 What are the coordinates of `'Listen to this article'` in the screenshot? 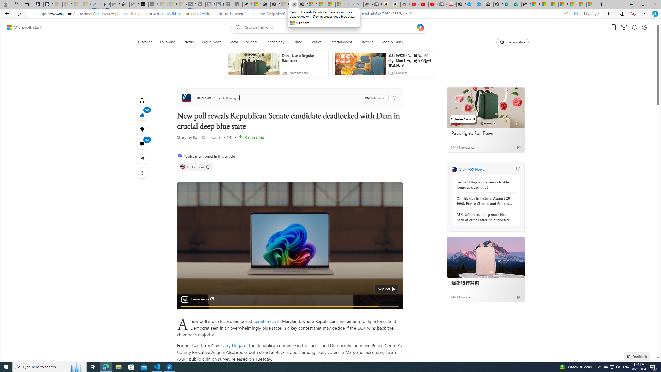 It's located at (142, 100).